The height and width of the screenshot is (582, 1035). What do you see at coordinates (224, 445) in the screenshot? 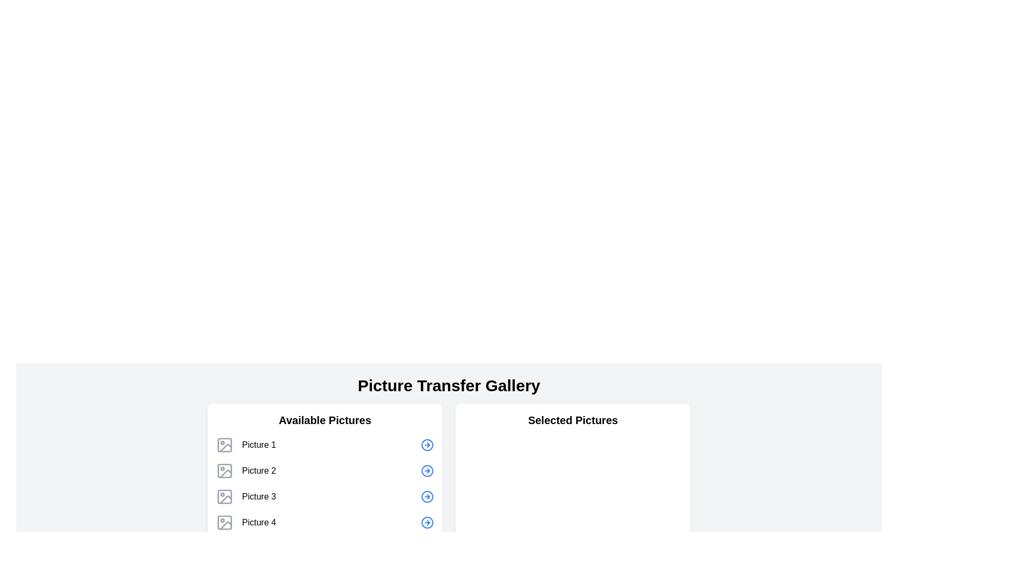
I see `the icon representing 'Picture 1' located in the 'Available Pictures' section of the interface` at bounding box center [224, 445].